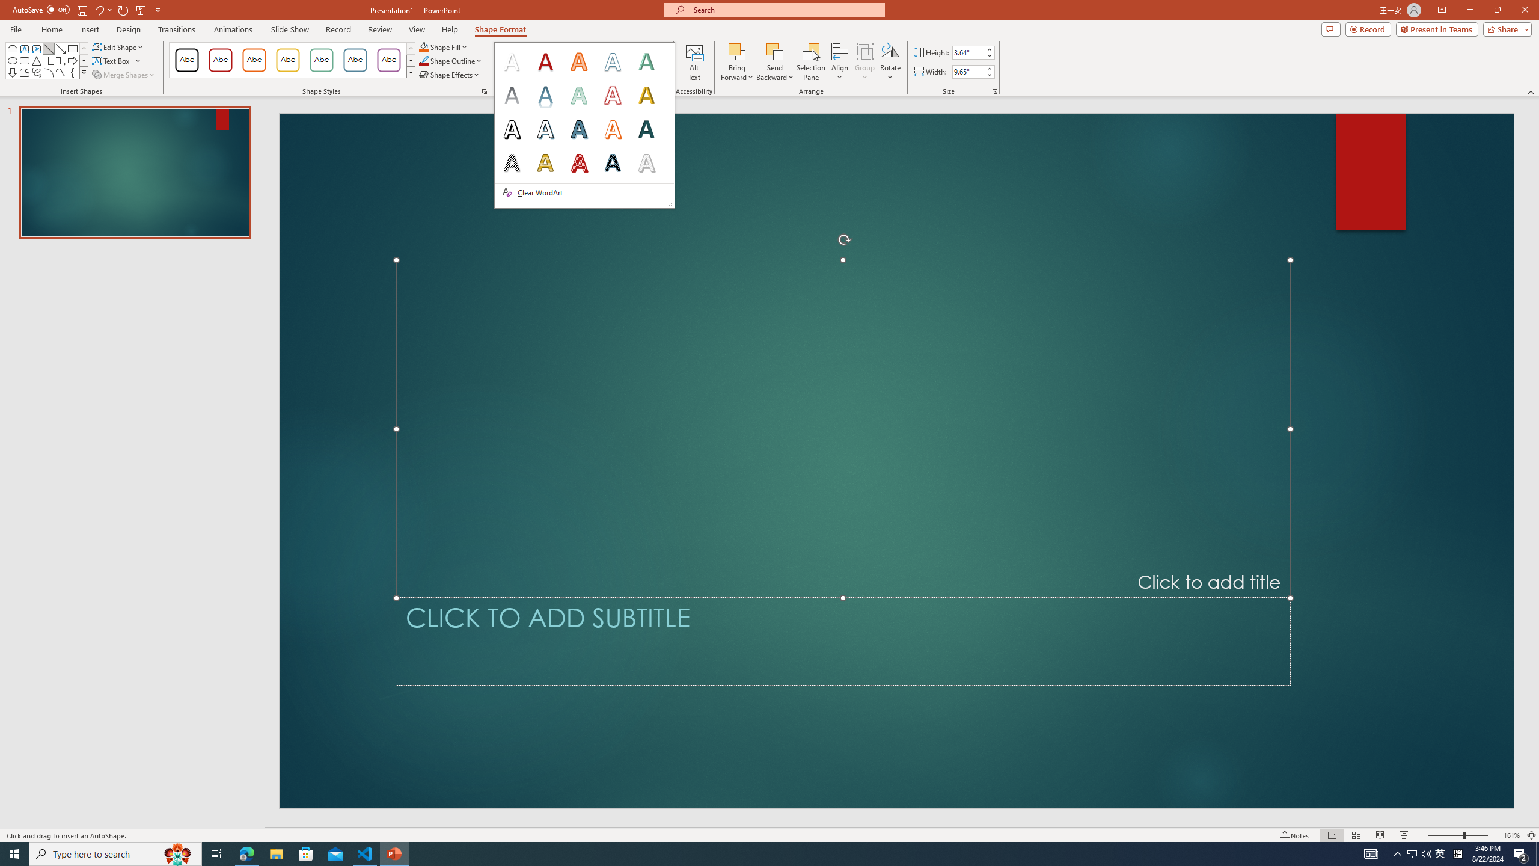 This screenshot has width=1539, height=866. Describe the element at coordinates (220, 60) in the screenshot. I see `'Colored Outline - Dark Red, Accent 1'` at that location.